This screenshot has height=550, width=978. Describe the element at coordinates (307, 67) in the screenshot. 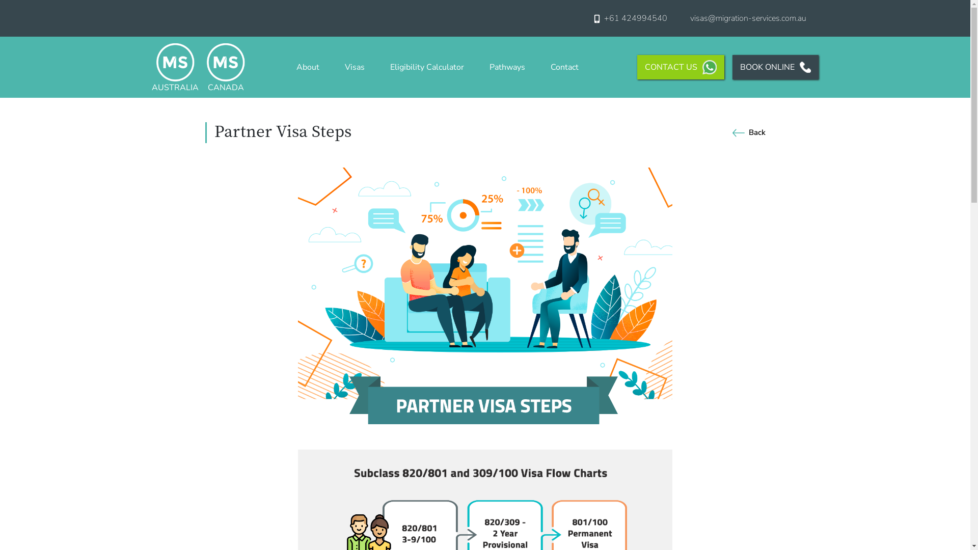

I see `'About'` at that location.